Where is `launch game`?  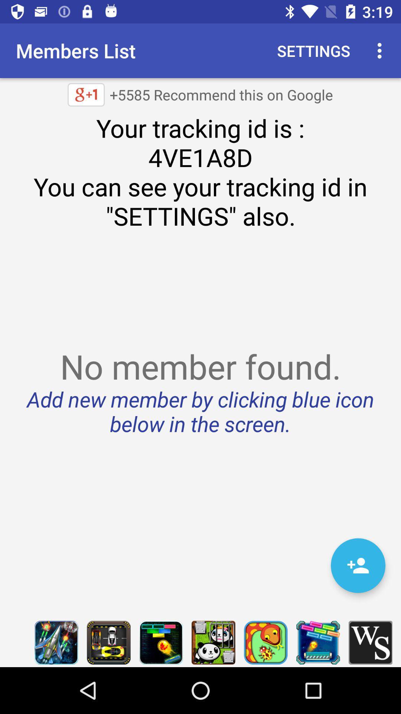
launch game is located at coordinates (56, 642).